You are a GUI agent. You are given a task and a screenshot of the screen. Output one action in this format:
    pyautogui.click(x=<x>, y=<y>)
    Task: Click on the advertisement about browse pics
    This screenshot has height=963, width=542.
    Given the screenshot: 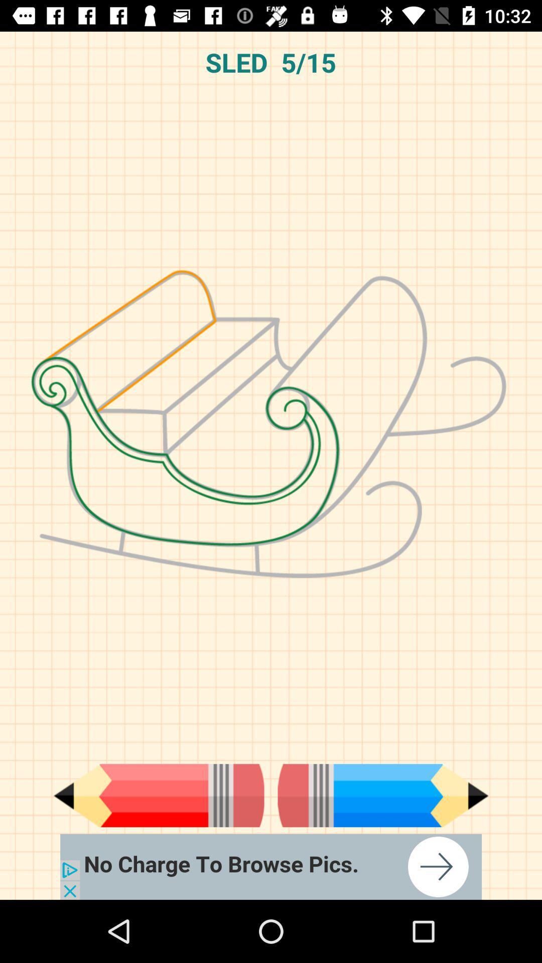 What is the action you would take?
    pyautogui.click(x=271, y=866)
    